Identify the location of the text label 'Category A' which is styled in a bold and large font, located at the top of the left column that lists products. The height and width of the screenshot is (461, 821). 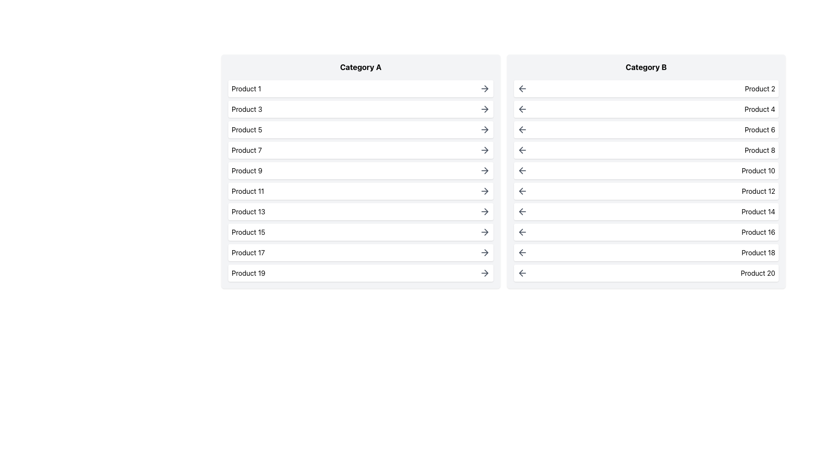
(360, 67).